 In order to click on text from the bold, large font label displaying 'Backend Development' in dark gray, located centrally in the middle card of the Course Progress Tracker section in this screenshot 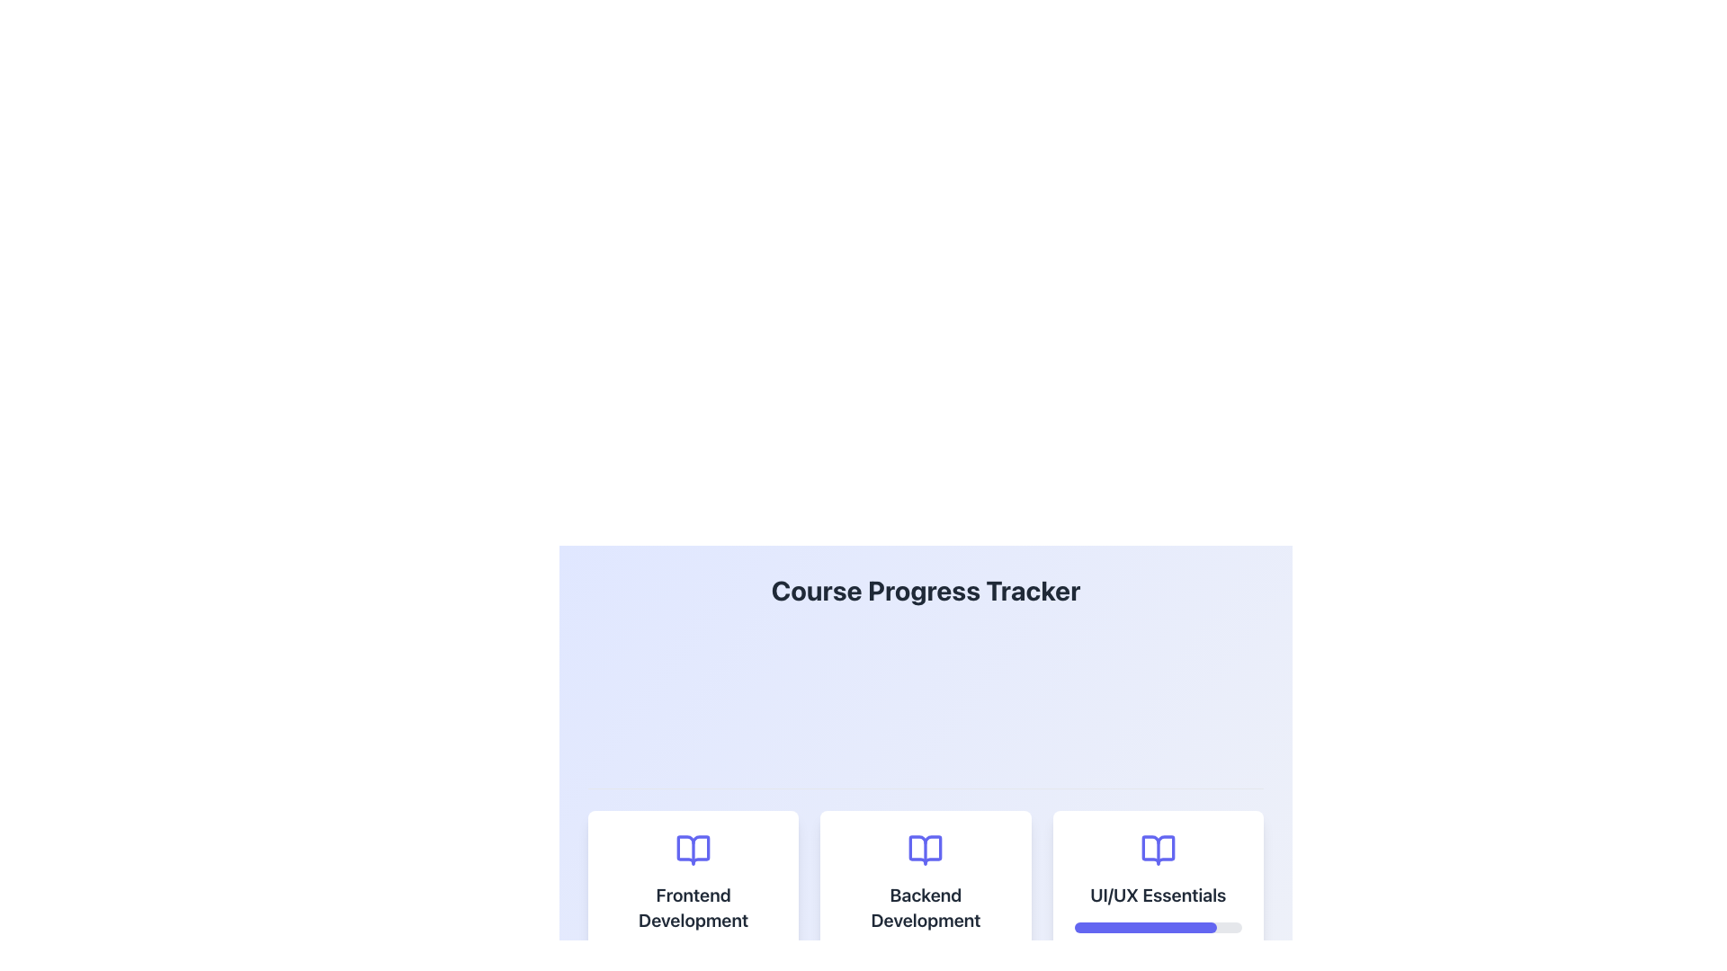, I will do `click(926, 908)`.